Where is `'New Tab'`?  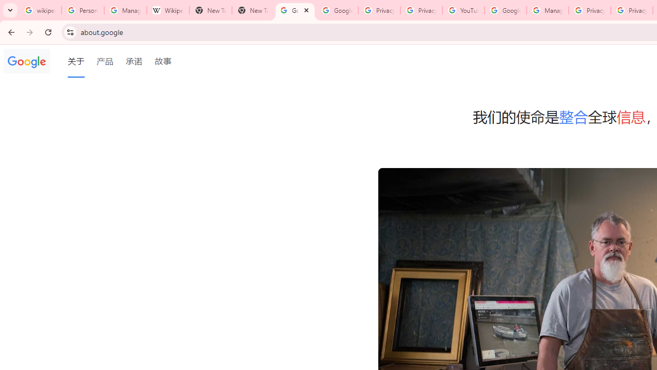
'New Tab' is located at coordinates (253, 10).